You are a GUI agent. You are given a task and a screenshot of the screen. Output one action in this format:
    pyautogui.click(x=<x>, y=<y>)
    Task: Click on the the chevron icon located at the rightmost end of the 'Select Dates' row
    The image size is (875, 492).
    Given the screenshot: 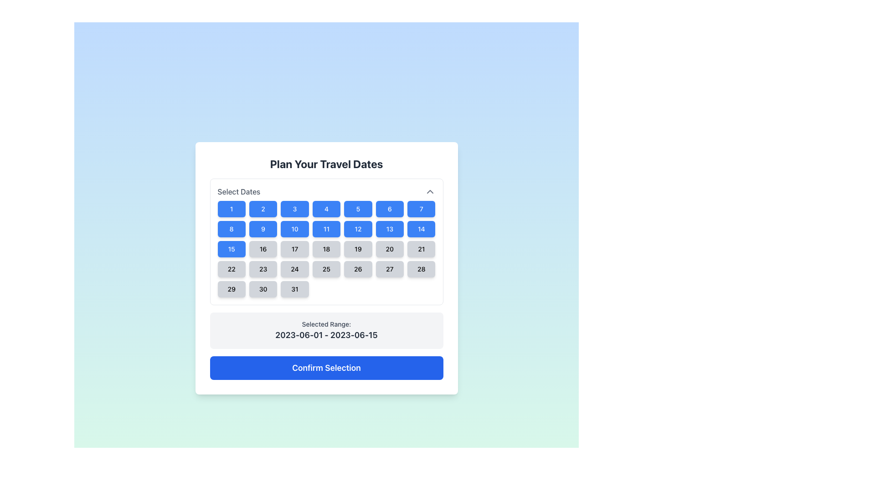 What is the action you would take?
    pyautogui.click(x=429, y=191)
    